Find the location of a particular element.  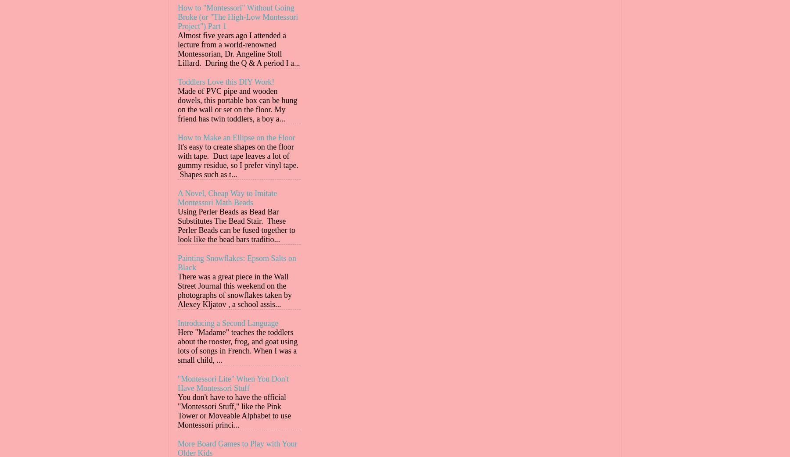

'You don't have to have the official "Montessori Stuff," like the Pink Tower or Moveable Alphabet to use Montessori princi...' is located at coordinates (234, 411).